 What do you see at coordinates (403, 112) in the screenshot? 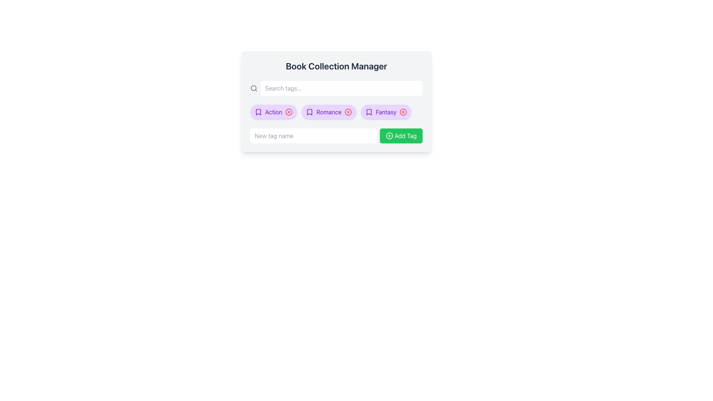
I see `the circular button with a red 'X' icon, located to the right of the 'Fantasy' tag` at bounding box center [403, 112].